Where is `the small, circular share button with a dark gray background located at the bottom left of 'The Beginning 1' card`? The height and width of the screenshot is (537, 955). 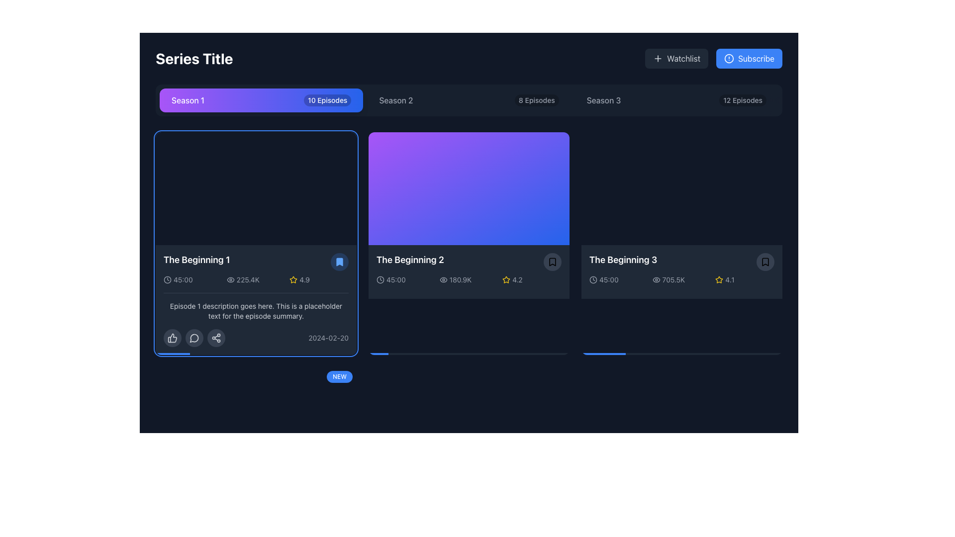 the small, circular share button with a dark gray background located at the bottom left of 'The Beginning 1' card is located at coordinates (216, 337).